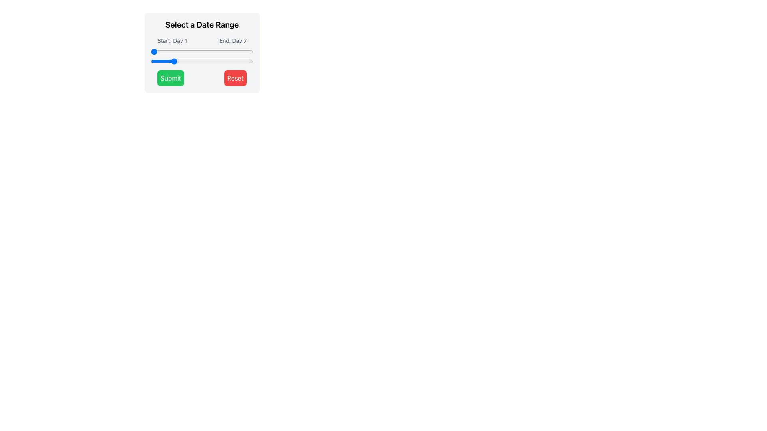 The height and width of the screenshot is (431, 767). I want to click on the slider, so click(214, 61).